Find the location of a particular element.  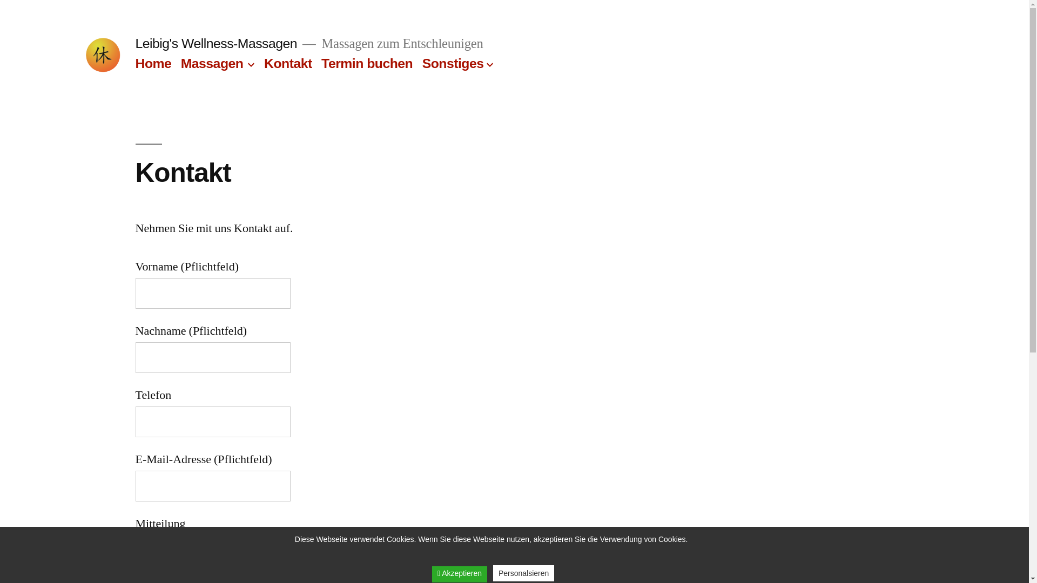

'Massagen' is located at coordinates (181, 63).